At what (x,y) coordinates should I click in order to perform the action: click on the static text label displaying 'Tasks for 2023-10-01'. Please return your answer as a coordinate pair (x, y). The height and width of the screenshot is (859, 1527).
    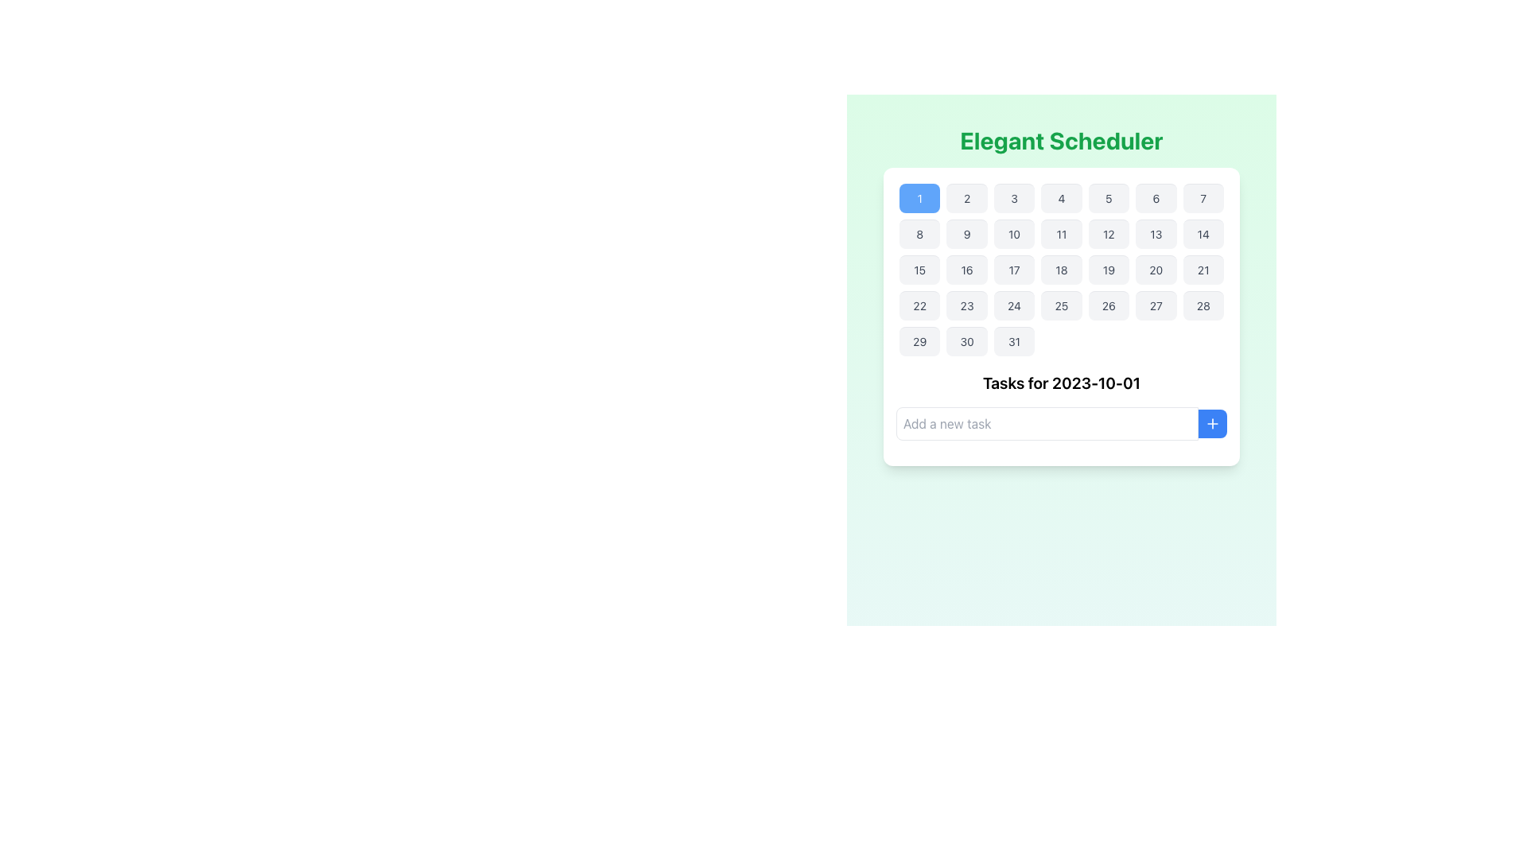
    Looking at the image, I should click on (1061, 383).